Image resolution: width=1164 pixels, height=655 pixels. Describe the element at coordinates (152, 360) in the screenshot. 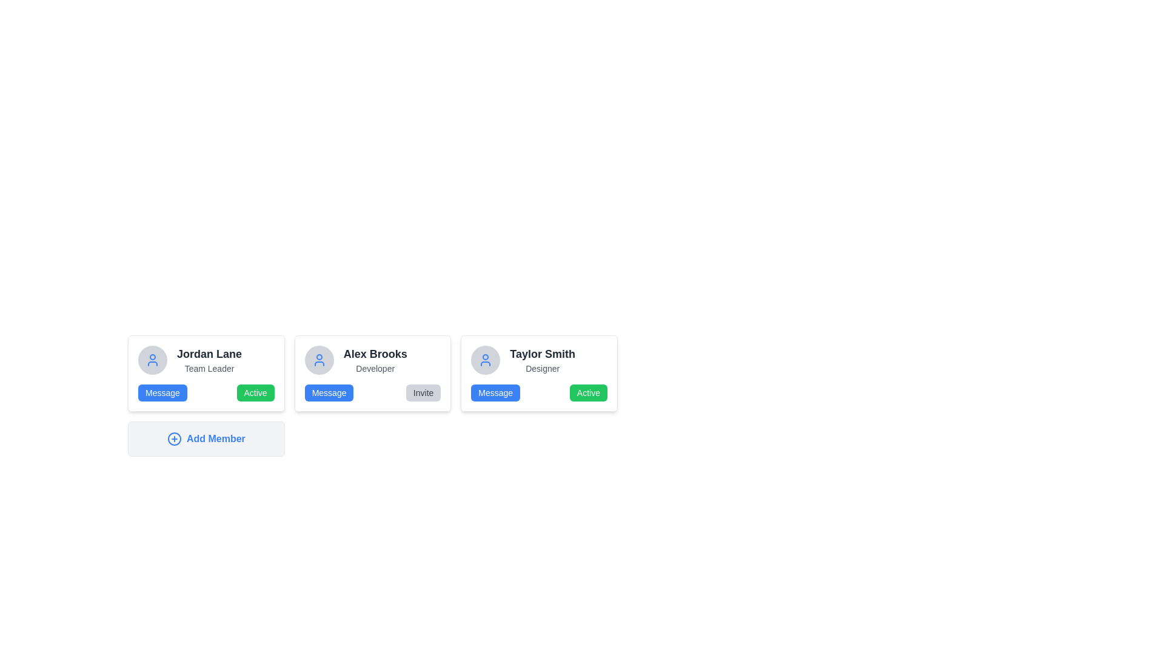

I see `the circular gray background enclosing the blue user silhouette icon located at the top-left of the card displaying 'Jordan Lane' and 'Team Leader'` at that location.